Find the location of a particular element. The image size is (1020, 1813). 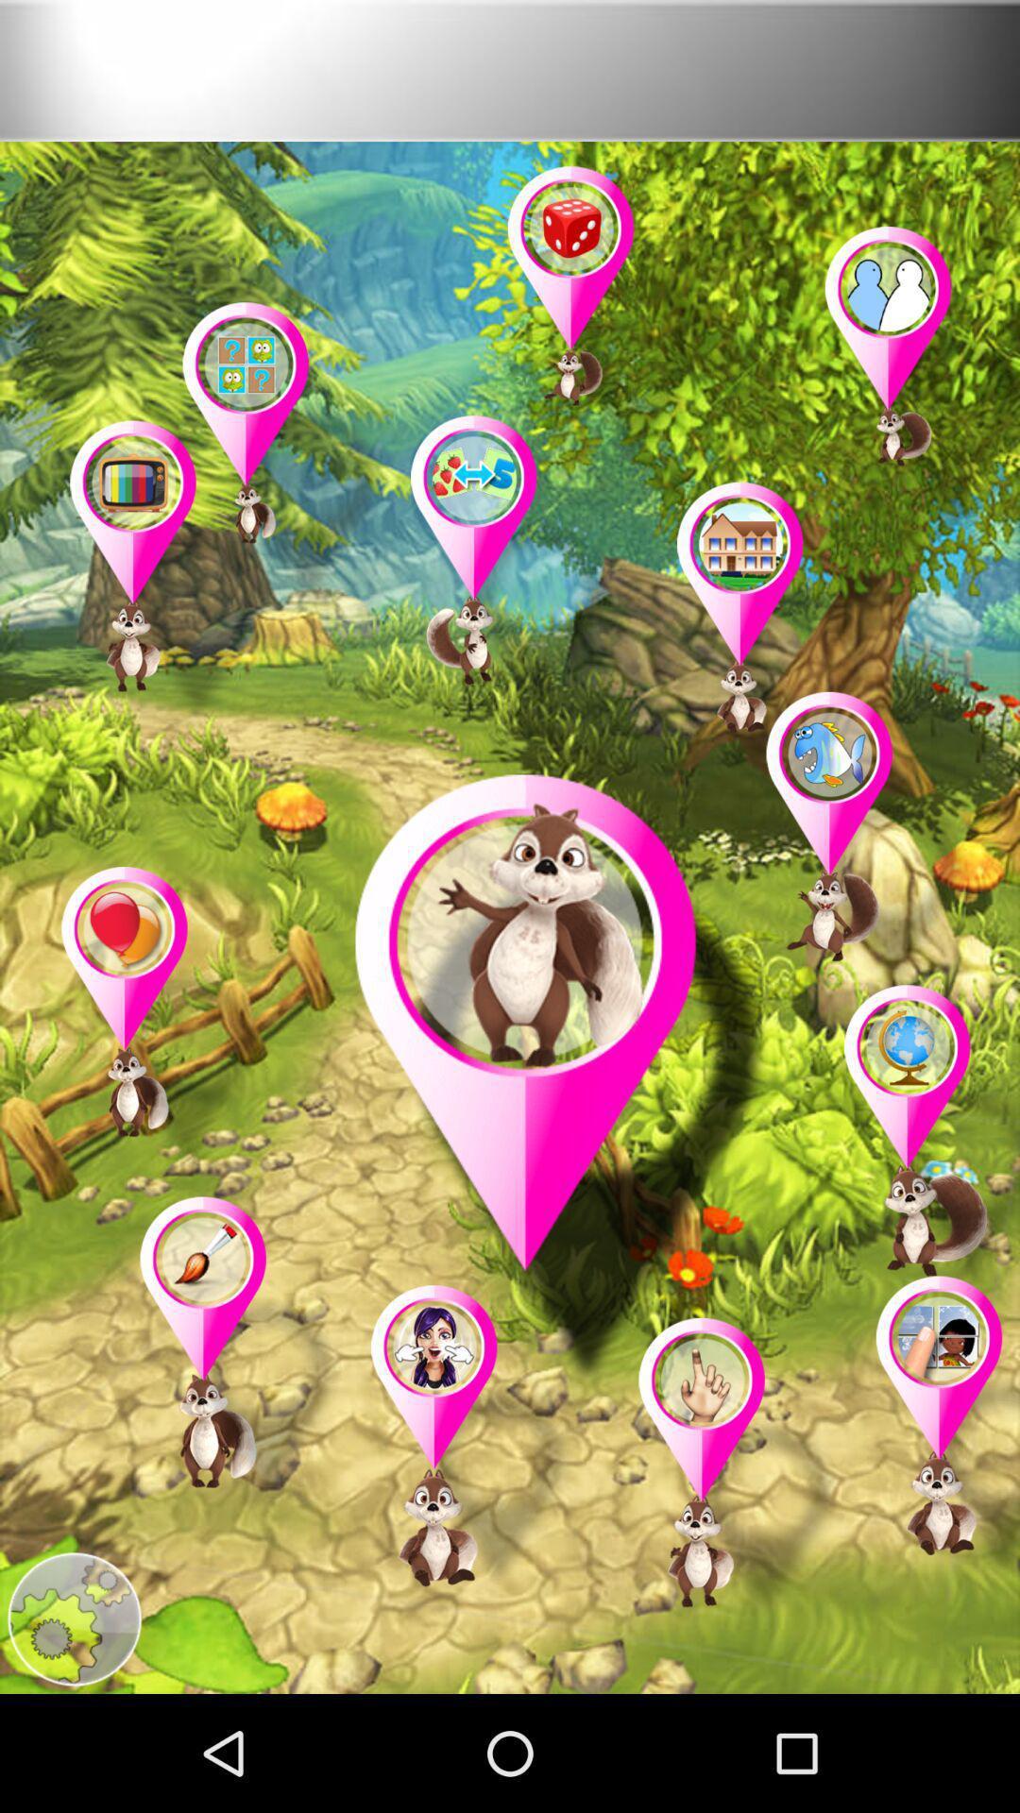

activate 'james squirrel vocal is located at coordinates (561, 1083).